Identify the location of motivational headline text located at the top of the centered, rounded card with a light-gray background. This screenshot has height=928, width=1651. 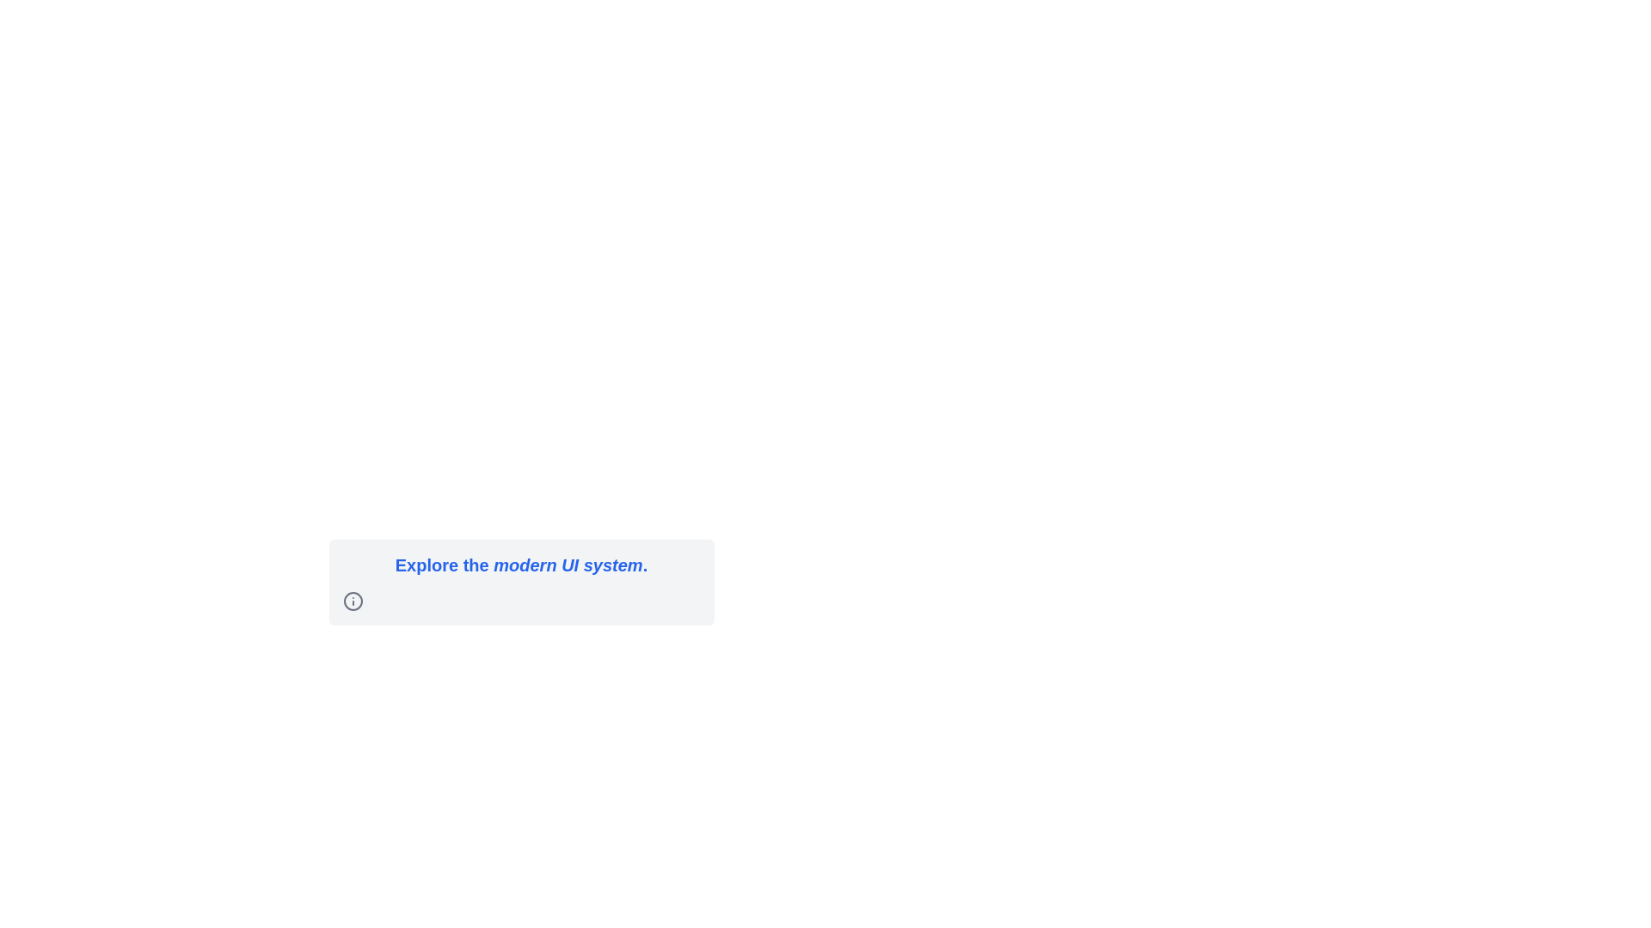
(520, 565).